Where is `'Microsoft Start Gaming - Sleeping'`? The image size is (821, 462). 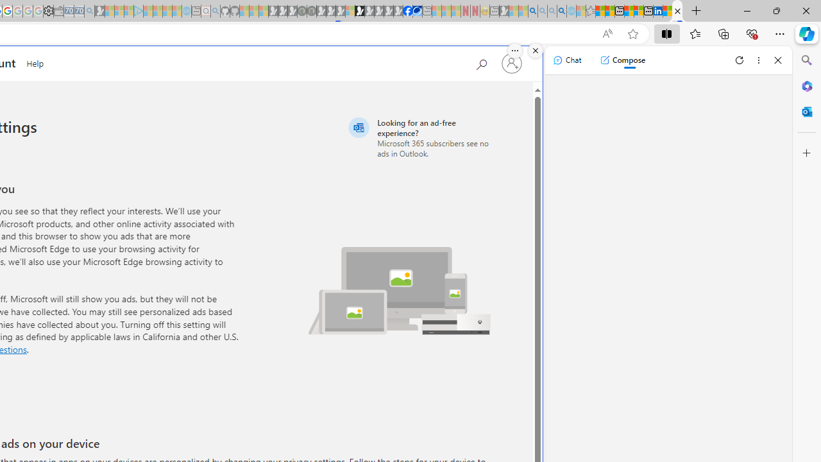
'Microsoft Start Gaming - Sleeping' is located at coordinates (99, 11).